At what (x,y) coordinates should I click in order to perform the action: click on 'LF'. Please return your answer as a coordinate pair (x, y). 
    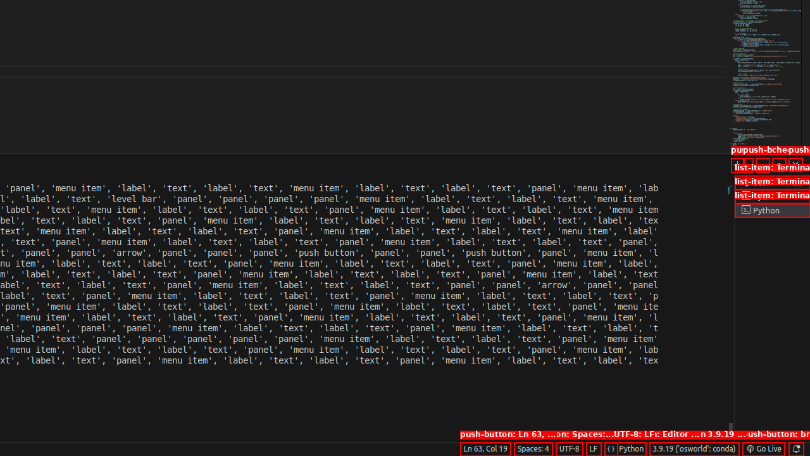
    Looking at the image, I should click on (592, 448).